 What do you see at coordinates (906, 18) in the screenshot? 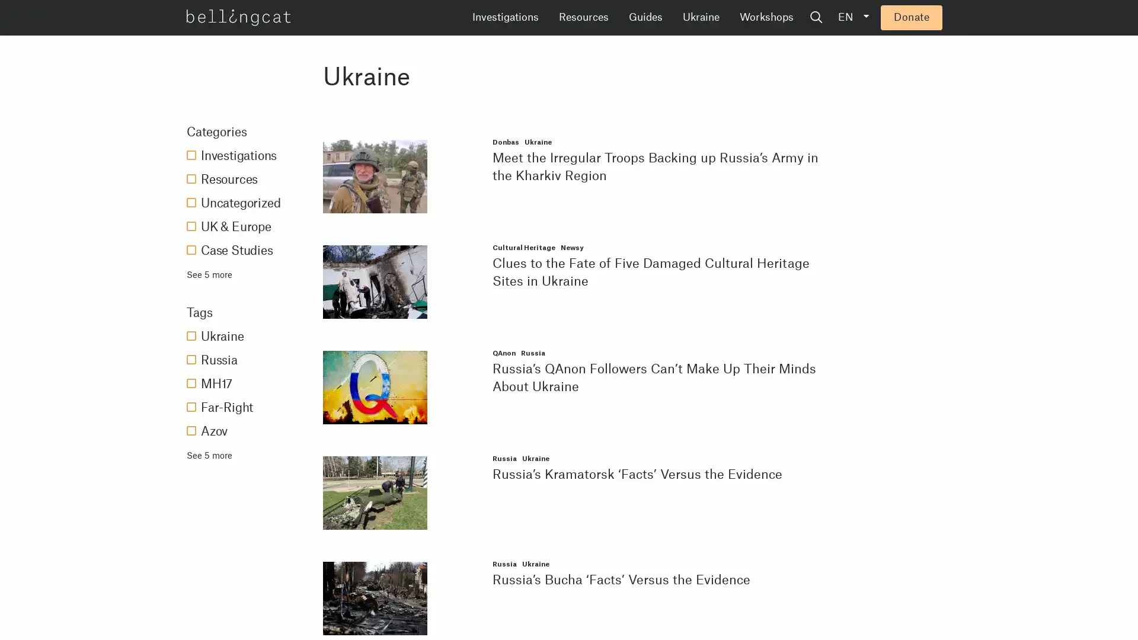
I see `Search` at bounding box center [906, 18].